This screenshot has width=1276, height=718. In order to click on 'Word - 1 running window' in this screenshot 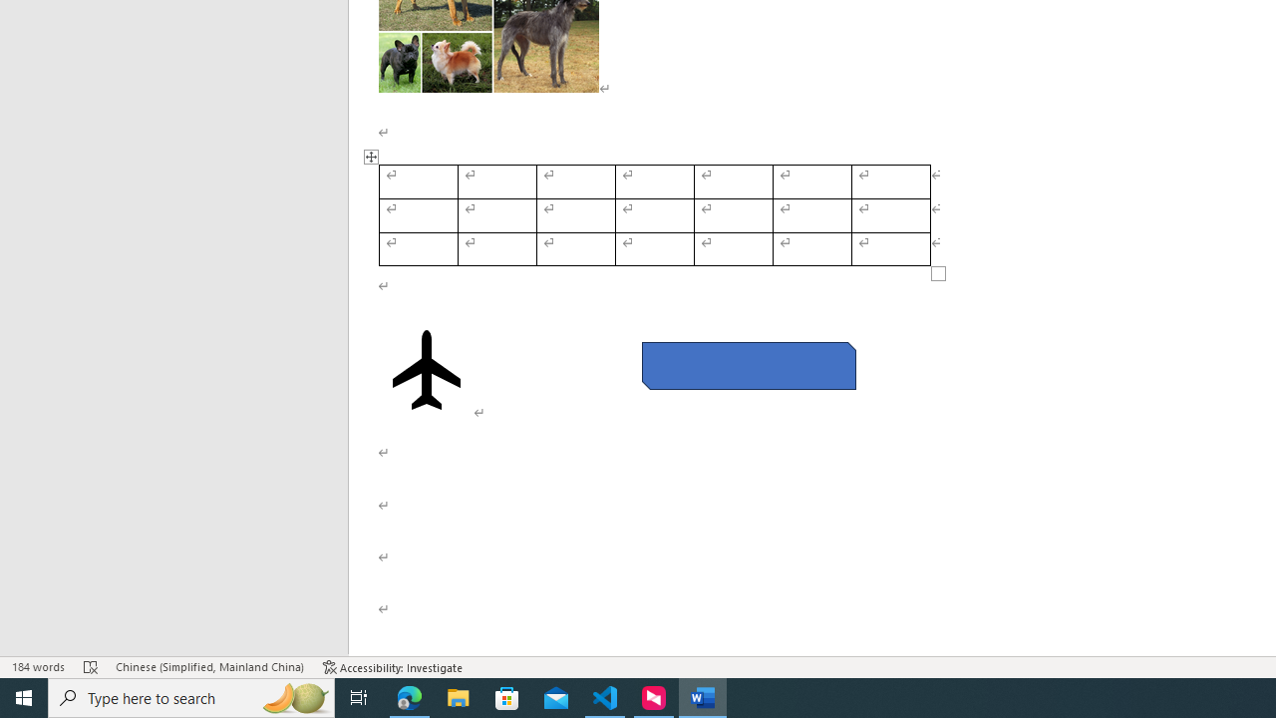, I will do `click(703, 696)`.